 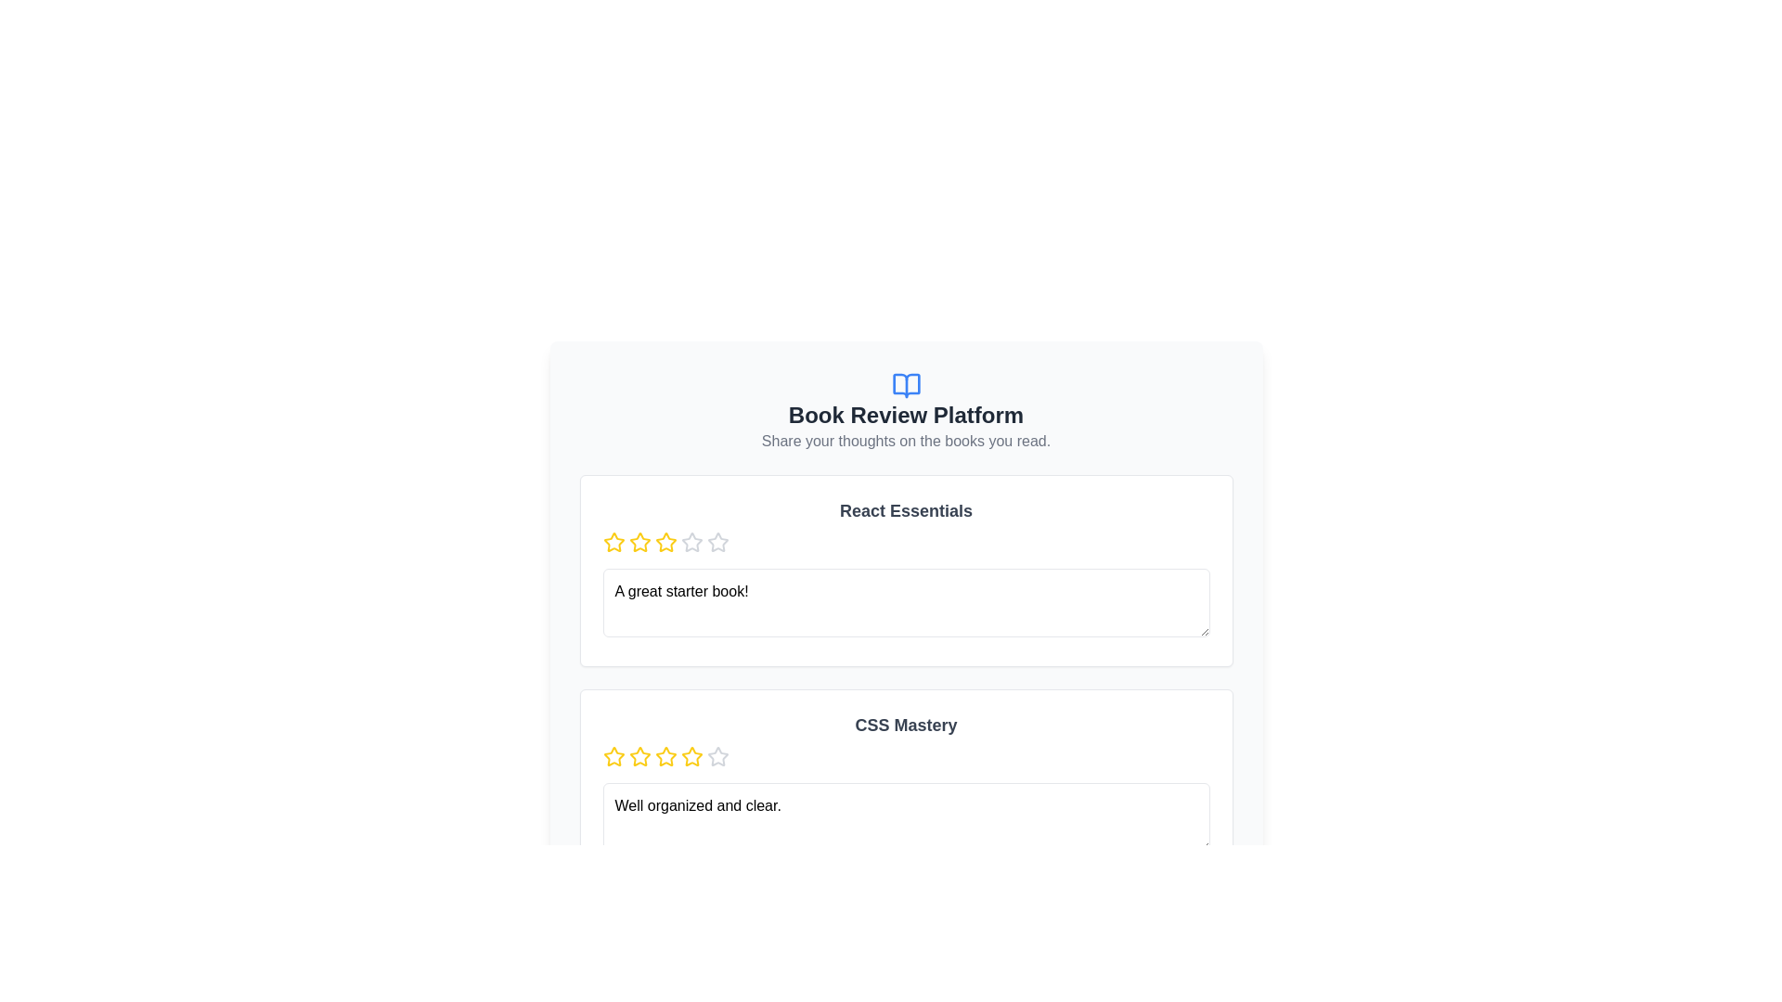 What do you see at coordinates (665, 757) in the screenshot?
I see `the third star in the rating system under the 'CSS Mastery' book review section` at bounding box center [665, 757].